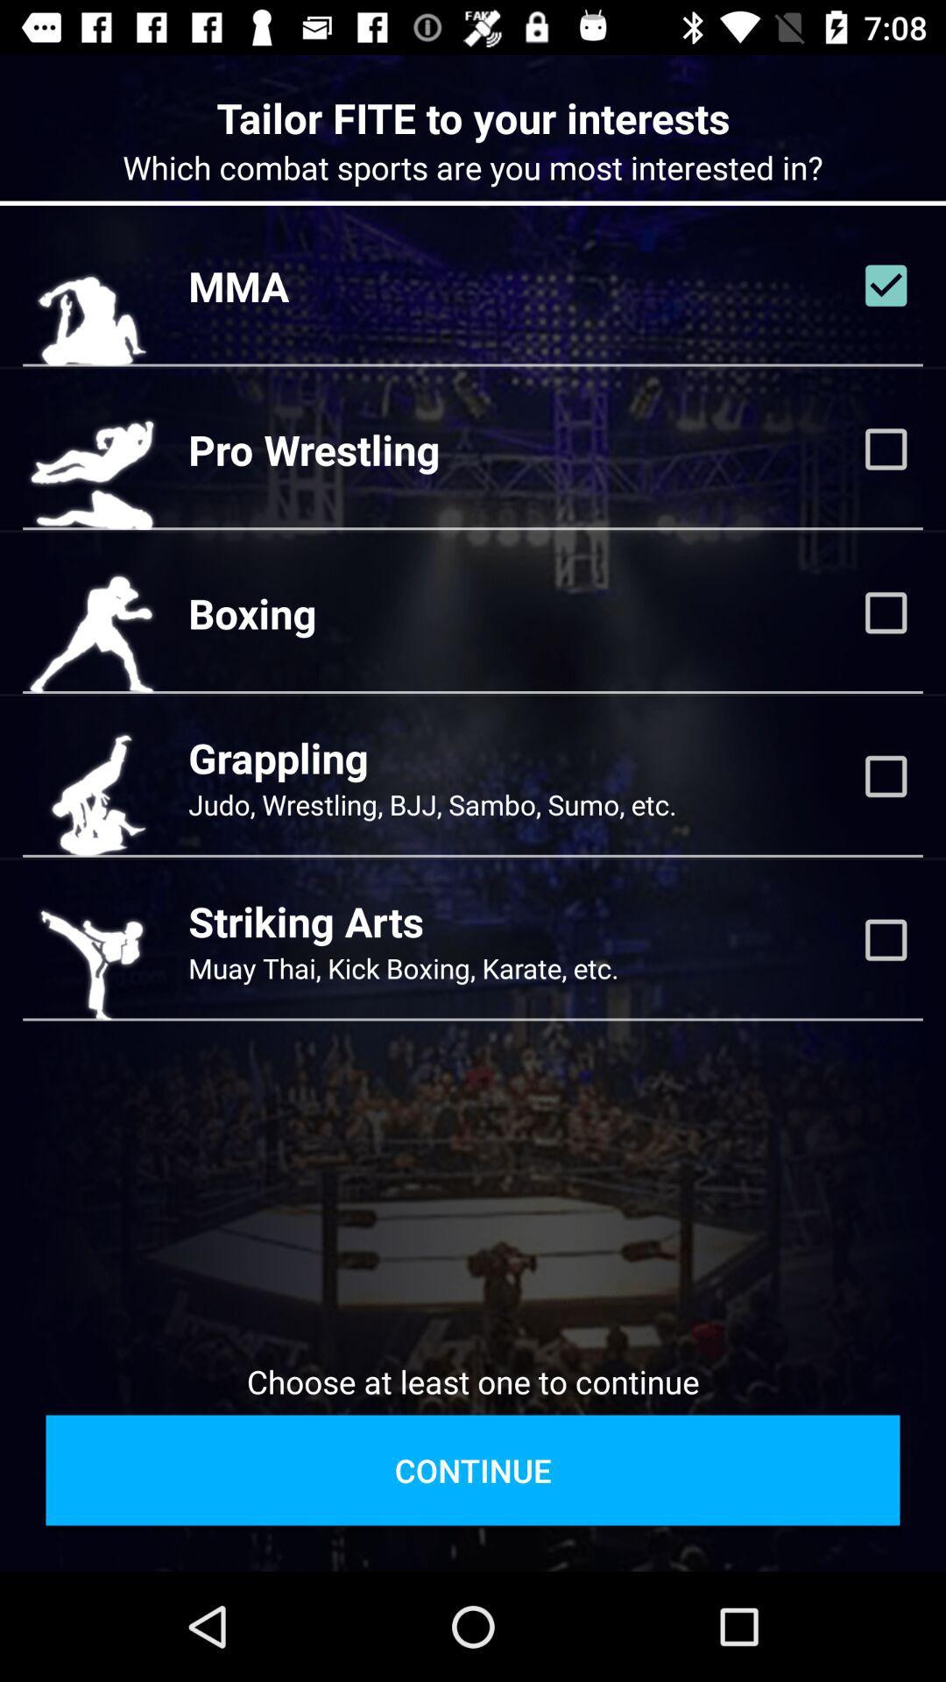 This screenshot has width=946, height=1682. Describe the element at coordinates (403, 967) in the screenshot. I see `the muay thai kick item` at that location.